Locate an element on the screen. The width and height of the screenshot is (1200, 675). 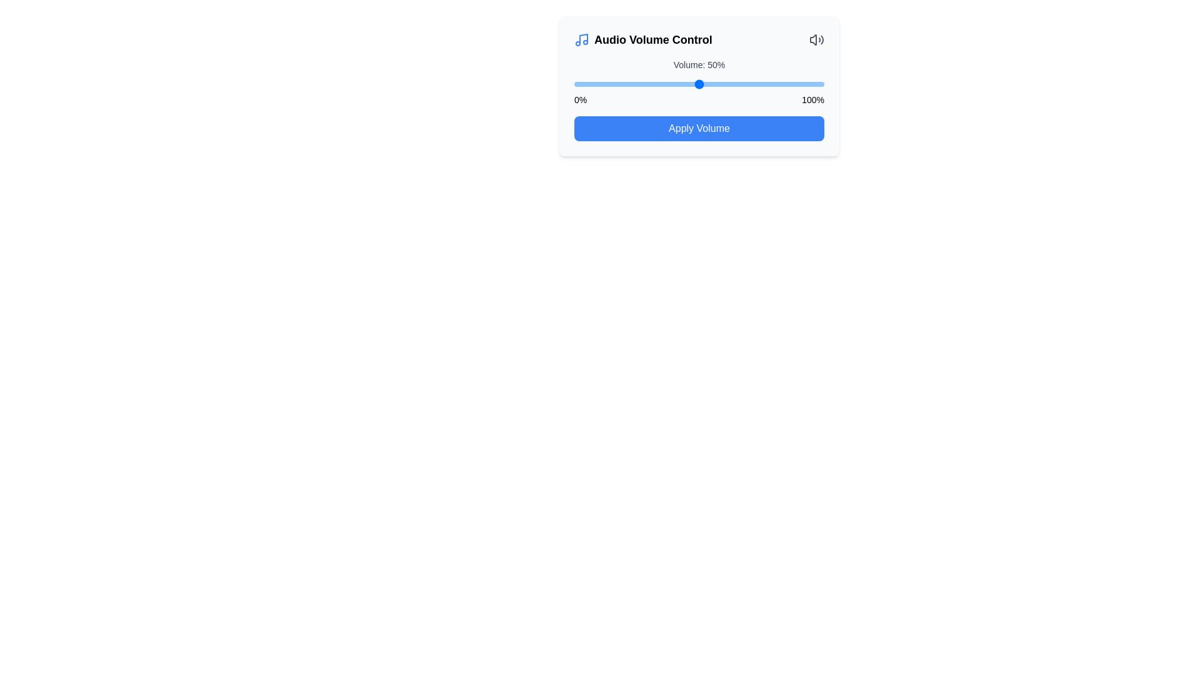
the volume level is located at coordinates (814, 84).